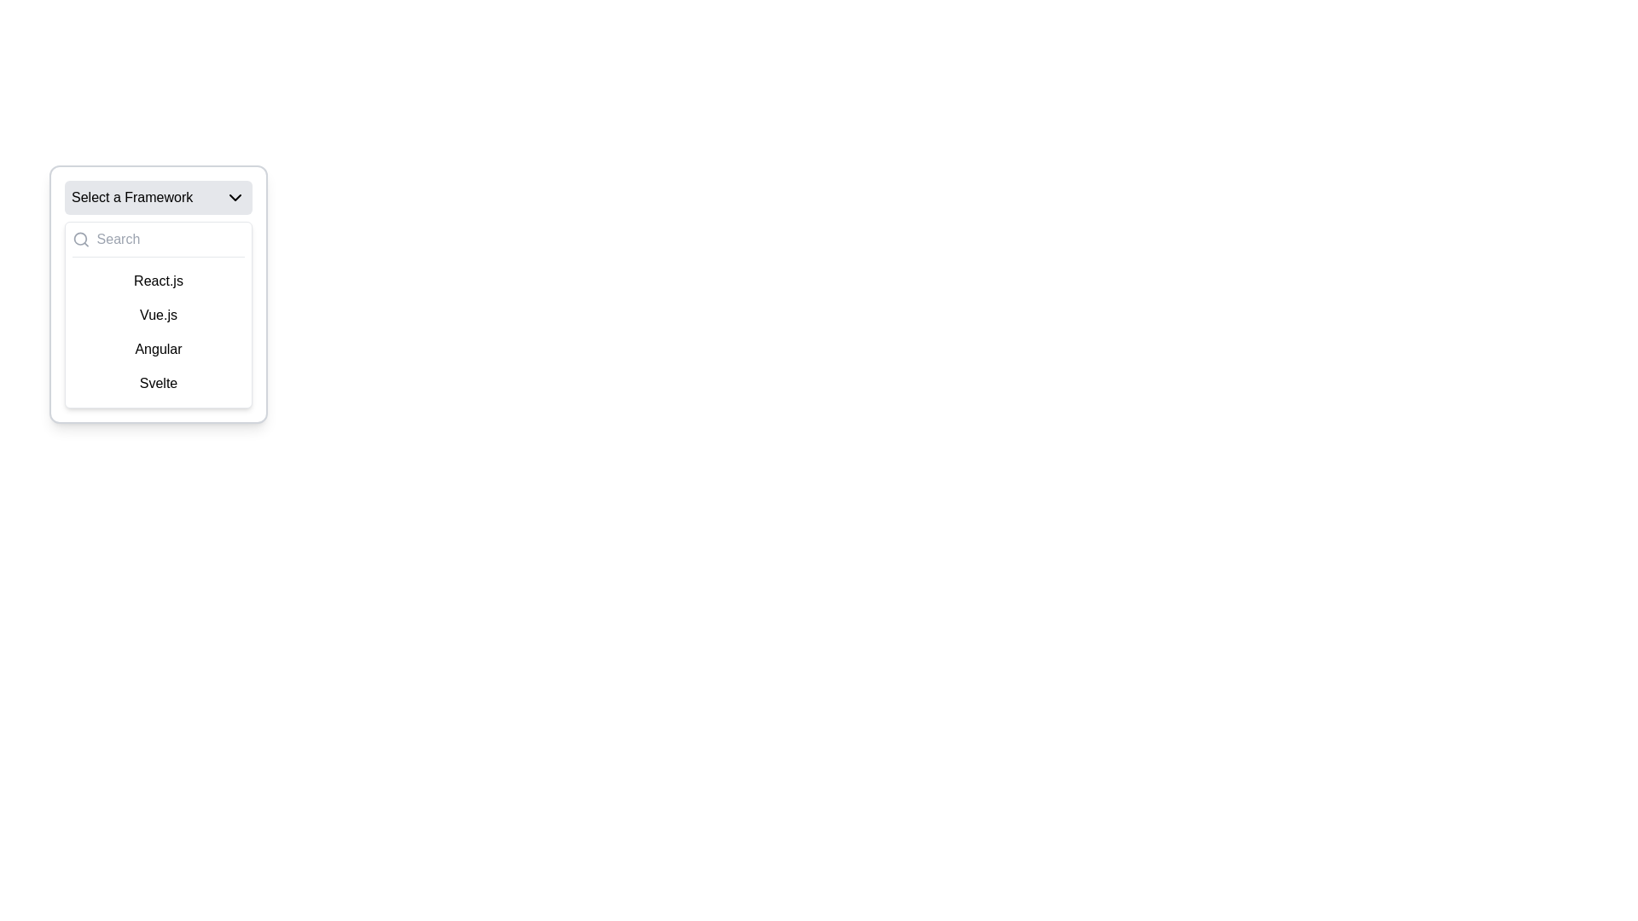 Image resolution: width=1638 pixels, height=921 pixels. I want to click on the dropdown list item labeled 'Vue.js', so click(159, 316).